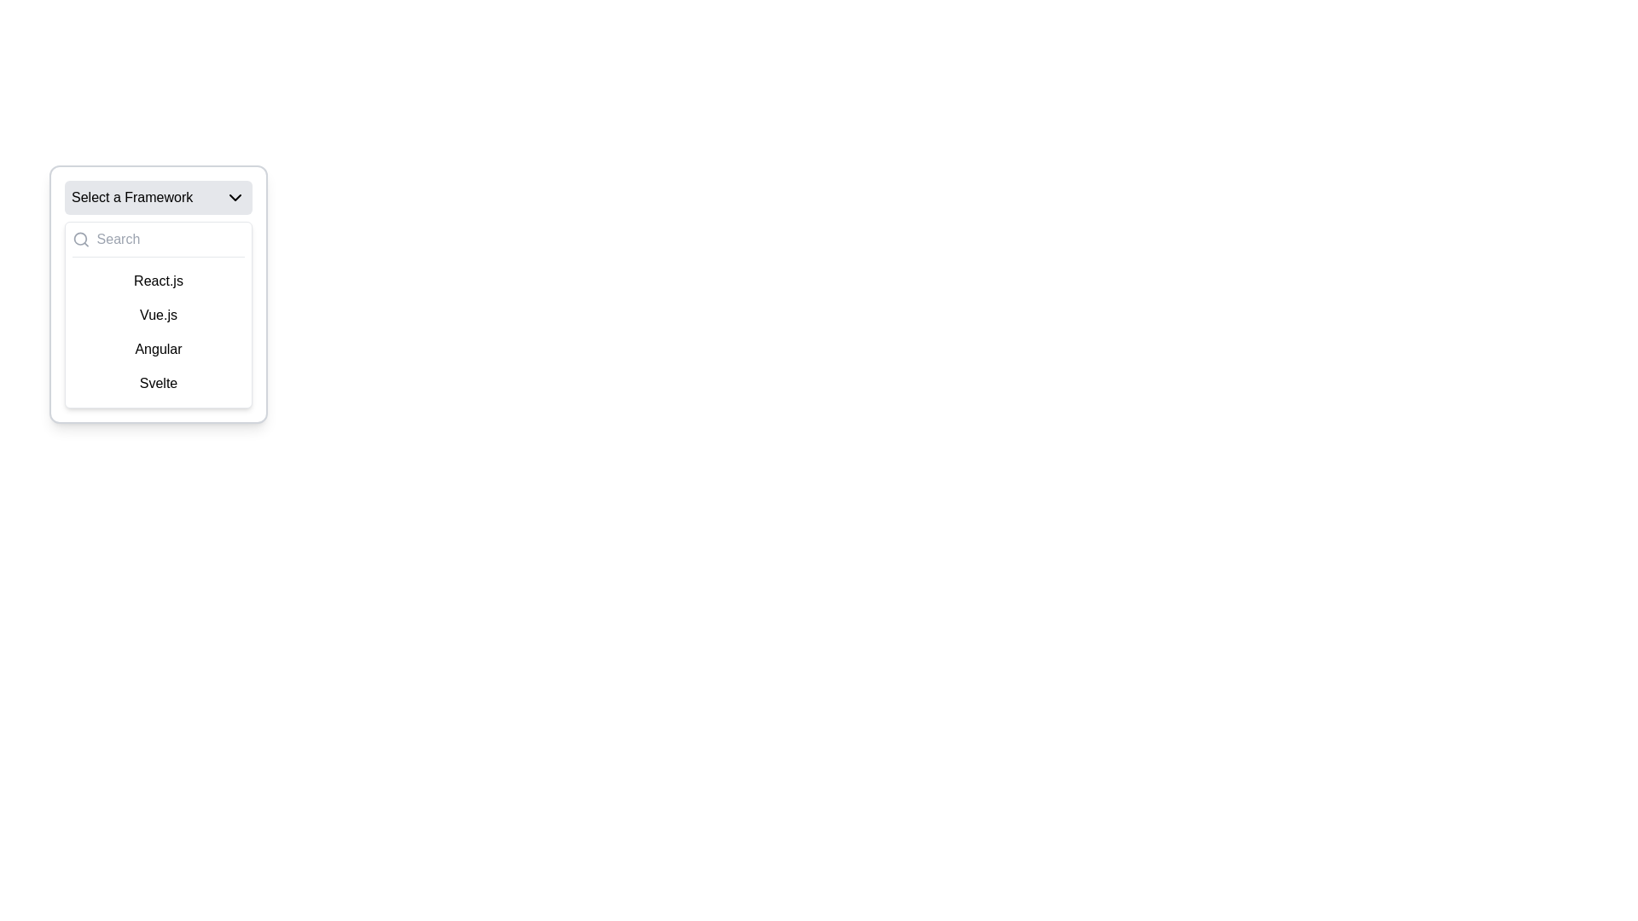 Image resolution: width=1638 pixels, height=921 pixels. I want to click on the dropdown list item labeled 'Vue.js', so click(159, 316).